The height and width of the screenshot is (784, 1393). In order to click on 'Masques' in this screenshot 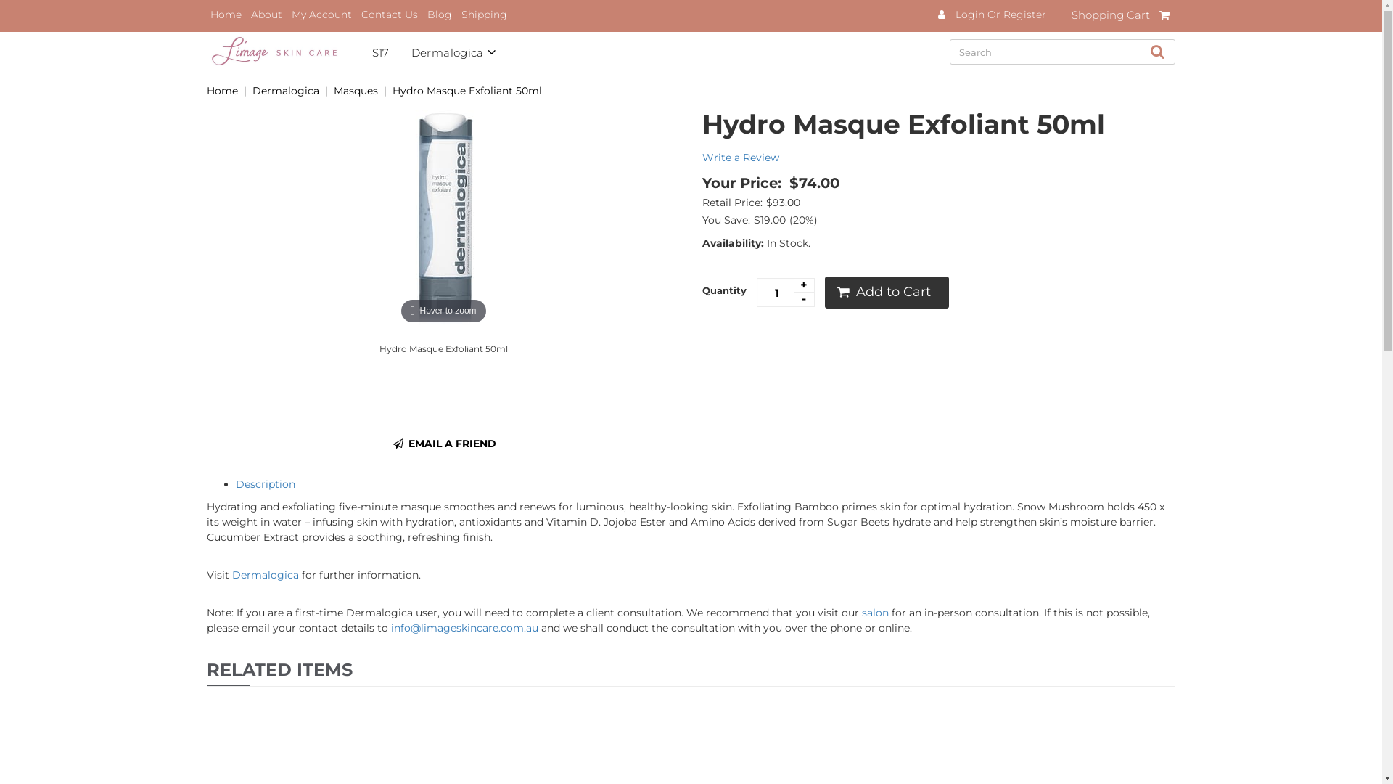, I will do `click(356, 90)`.